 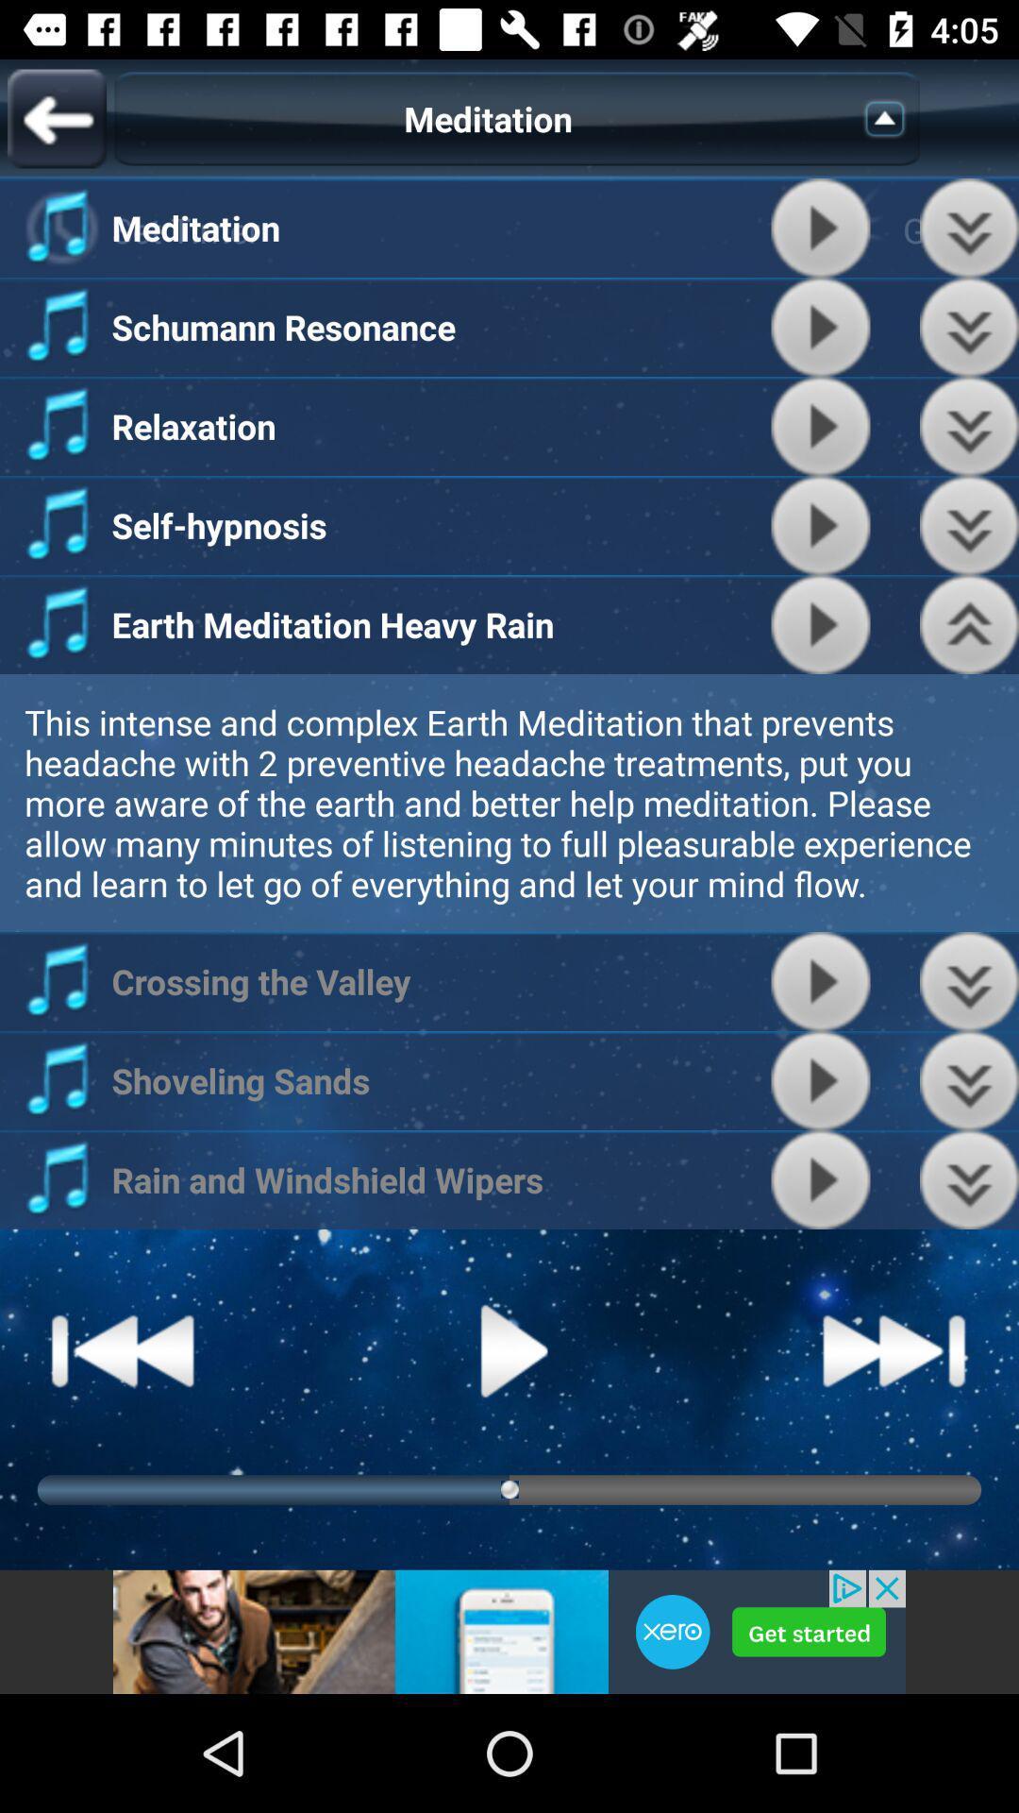 I want to click on the play, so click(x=820, y=1080).